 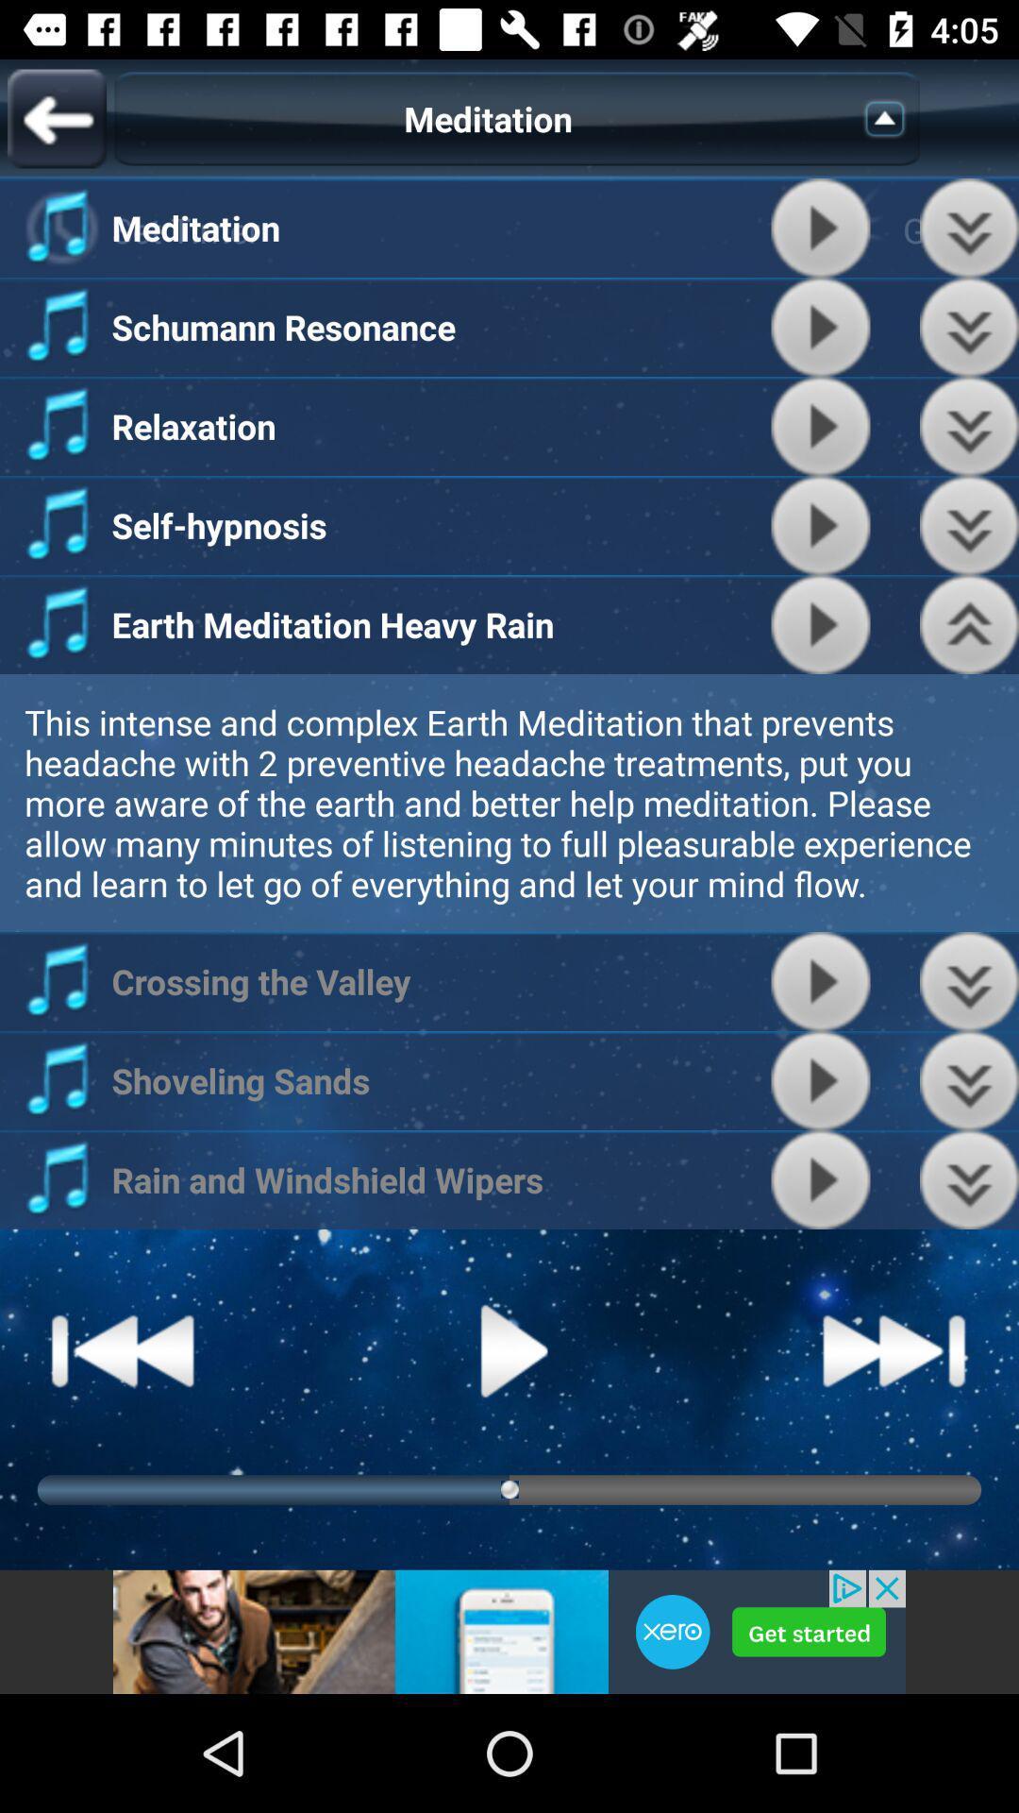 I want to click on the play, so click(x=820, y=1080).